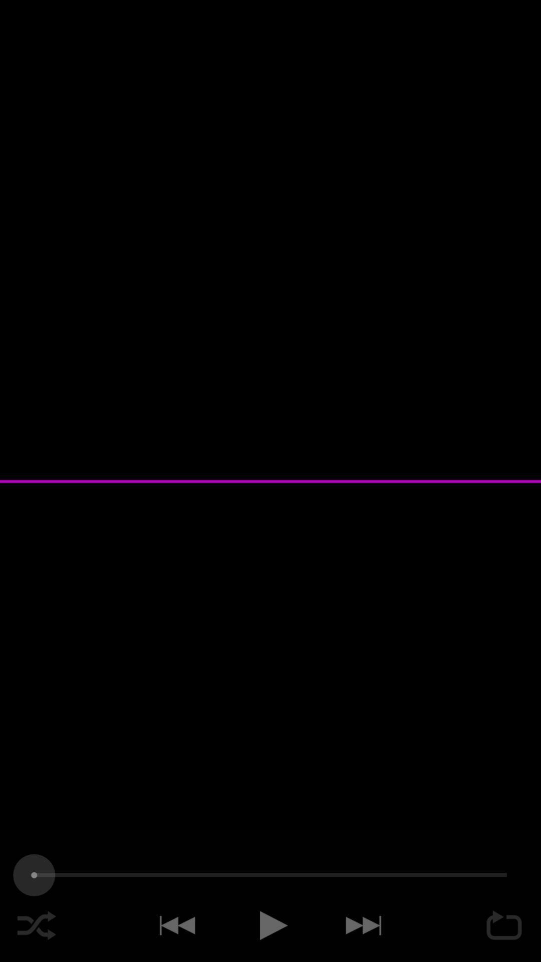 This screenshot has height=962, width=541. What do you see at coordinates (270, 925) in the screenshot?
I see `the play icon` at bounding box center [270, 925].